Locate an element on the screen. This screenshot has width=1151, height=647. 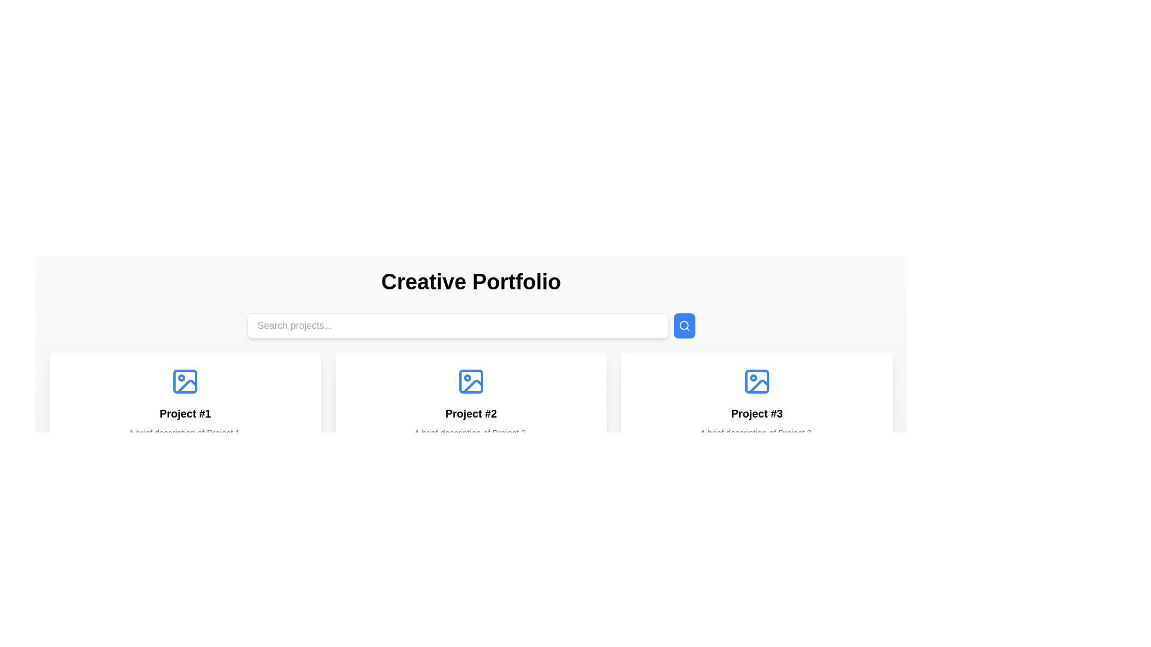
text element that serves as the header or title for the page, which is positioned directly above the search bar and project cards is located at coordinates (471, 282).